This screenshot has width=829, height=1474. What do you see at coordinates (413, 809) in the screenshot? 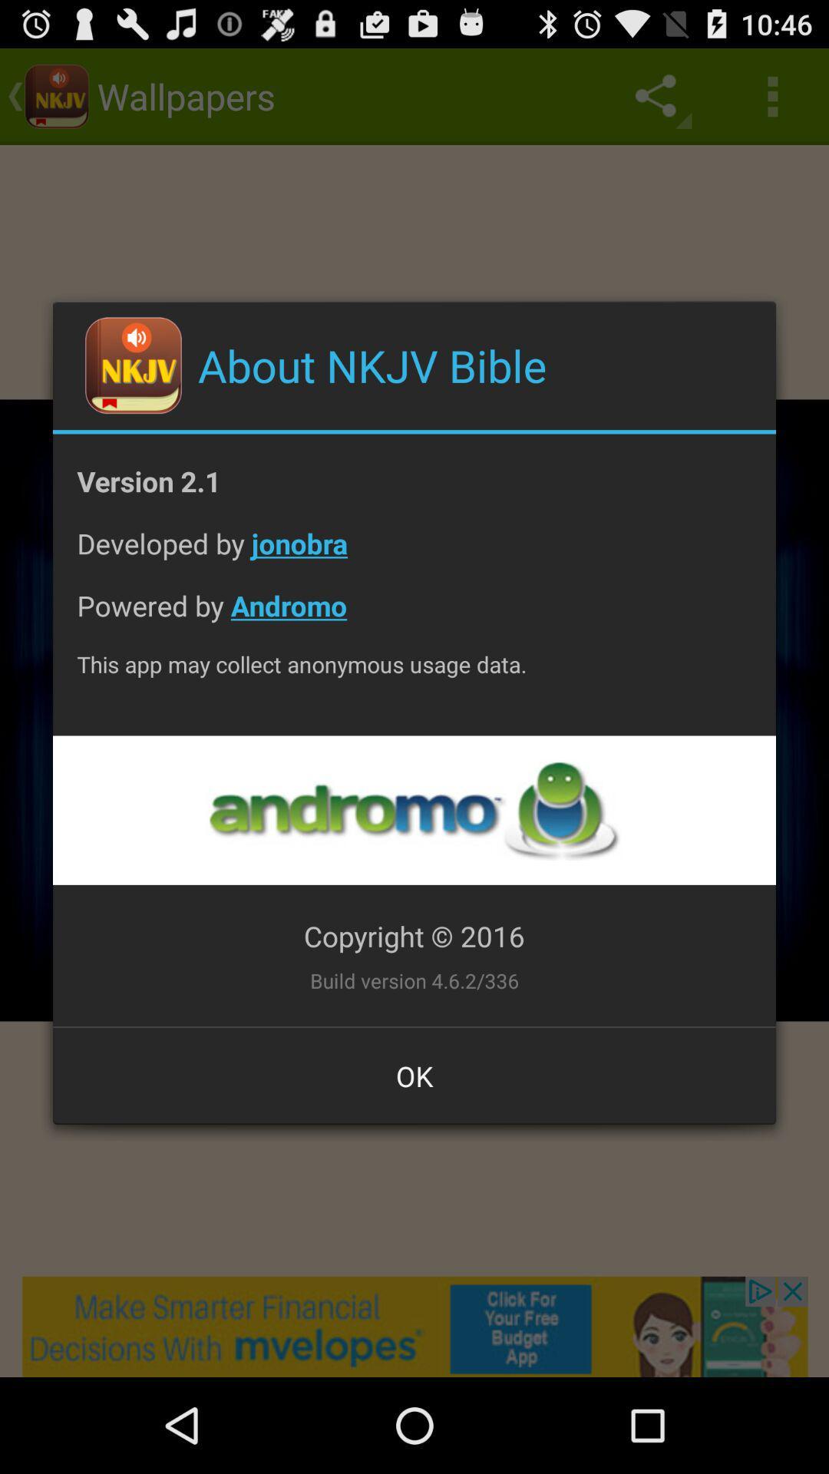
I see `andromo logo to go to website` at bounding box center [413, 809].